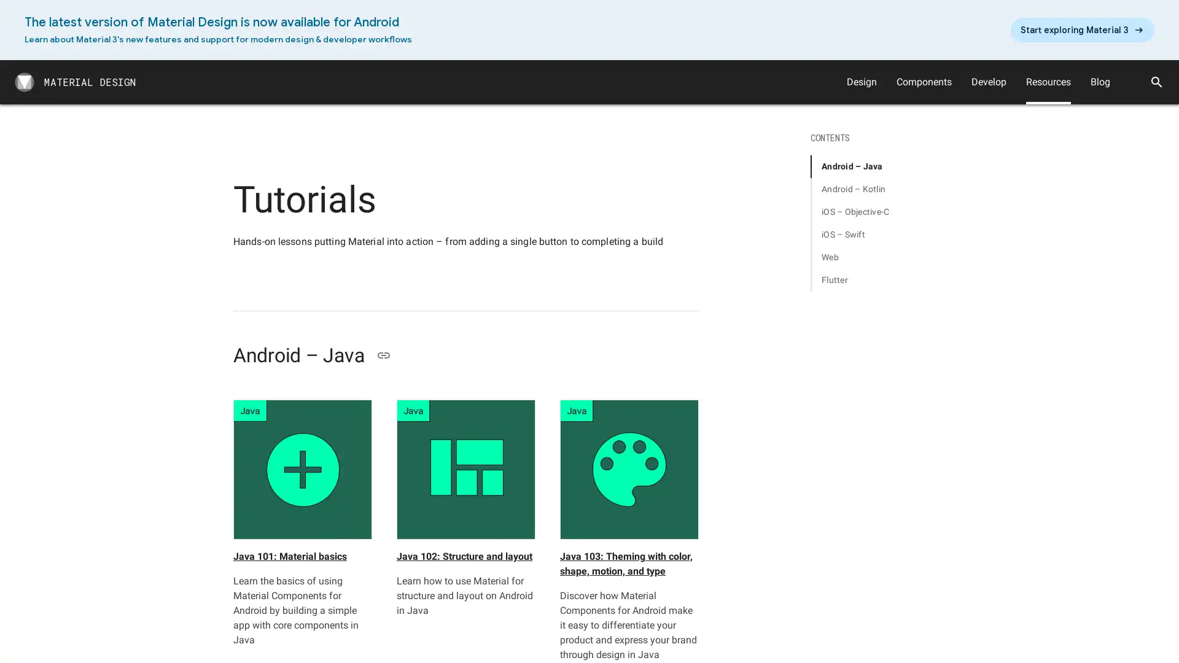 The height and width of the screenshot is (663, 1179). I want to click on arrow_right_alt, so click(1082, 29).